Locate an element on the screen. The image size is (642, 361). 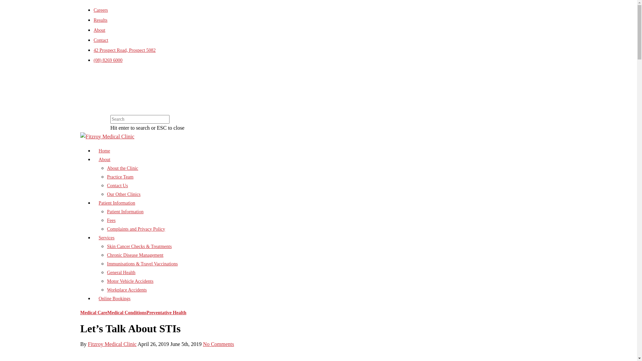
'Preventative Health' is located at coordinates (166, 313).